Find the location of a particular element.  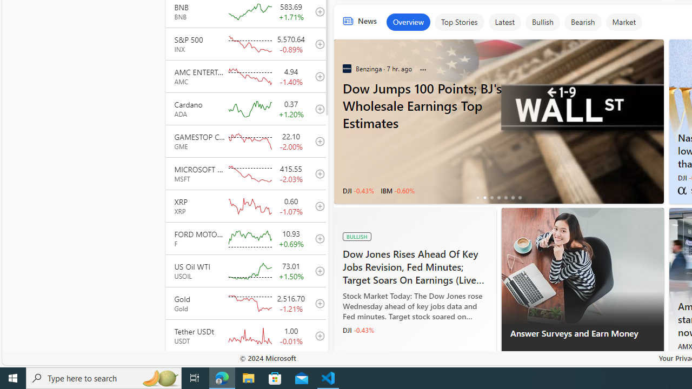

'Bearish' is located at coordinates (582, 22).